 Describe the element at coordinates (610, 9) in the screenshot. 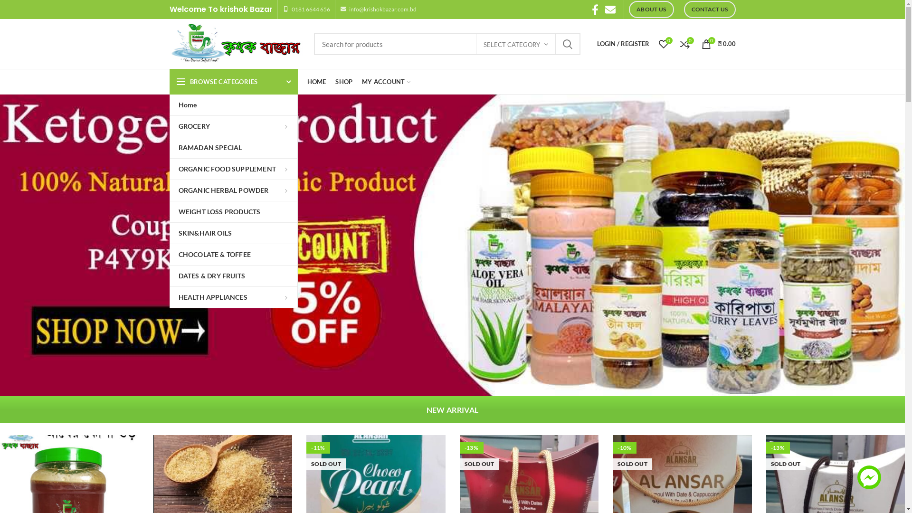

I see `'Email'` at that location.